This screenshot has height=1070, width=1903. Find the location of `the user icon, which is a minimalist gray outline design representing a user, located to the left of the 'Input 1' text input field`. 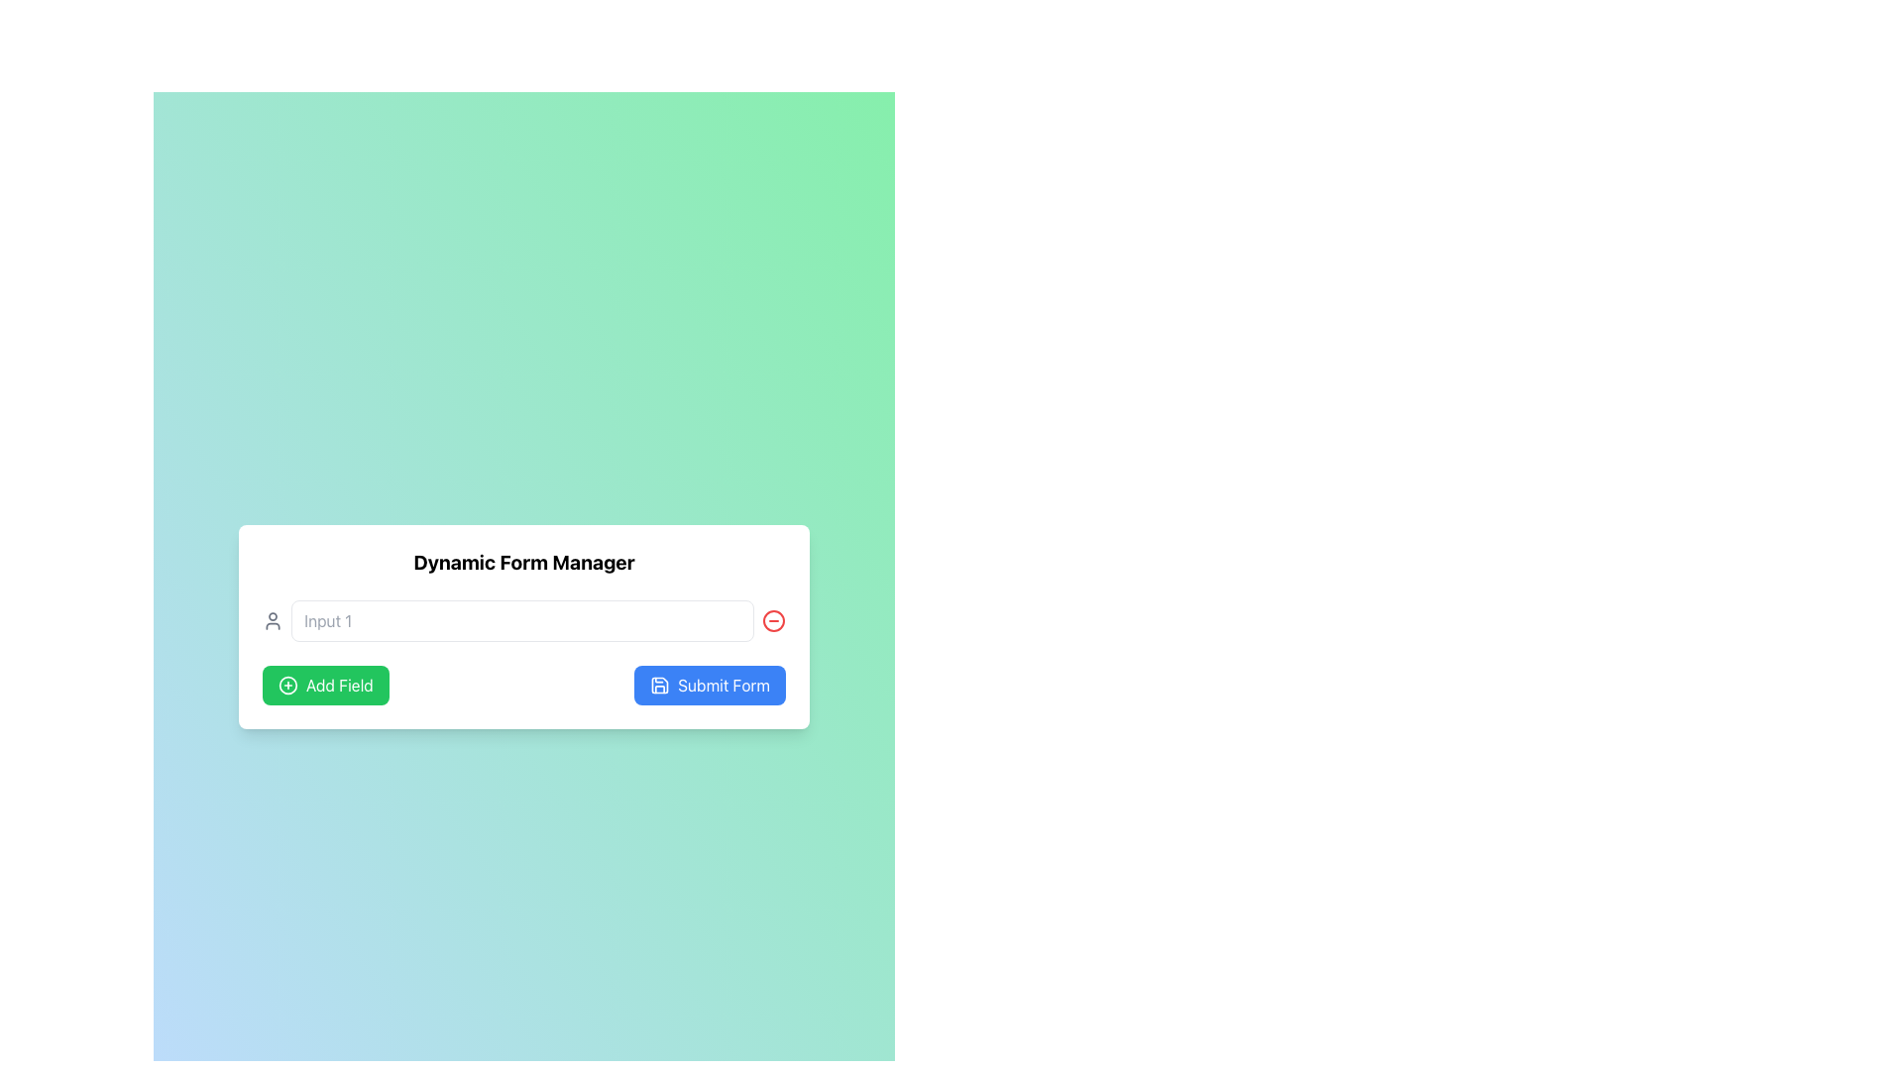

the user icon, which is a minimalist gray outline design representing a user, located to the left of the 'Input 1' text input field is located at coordinates (272, 620).